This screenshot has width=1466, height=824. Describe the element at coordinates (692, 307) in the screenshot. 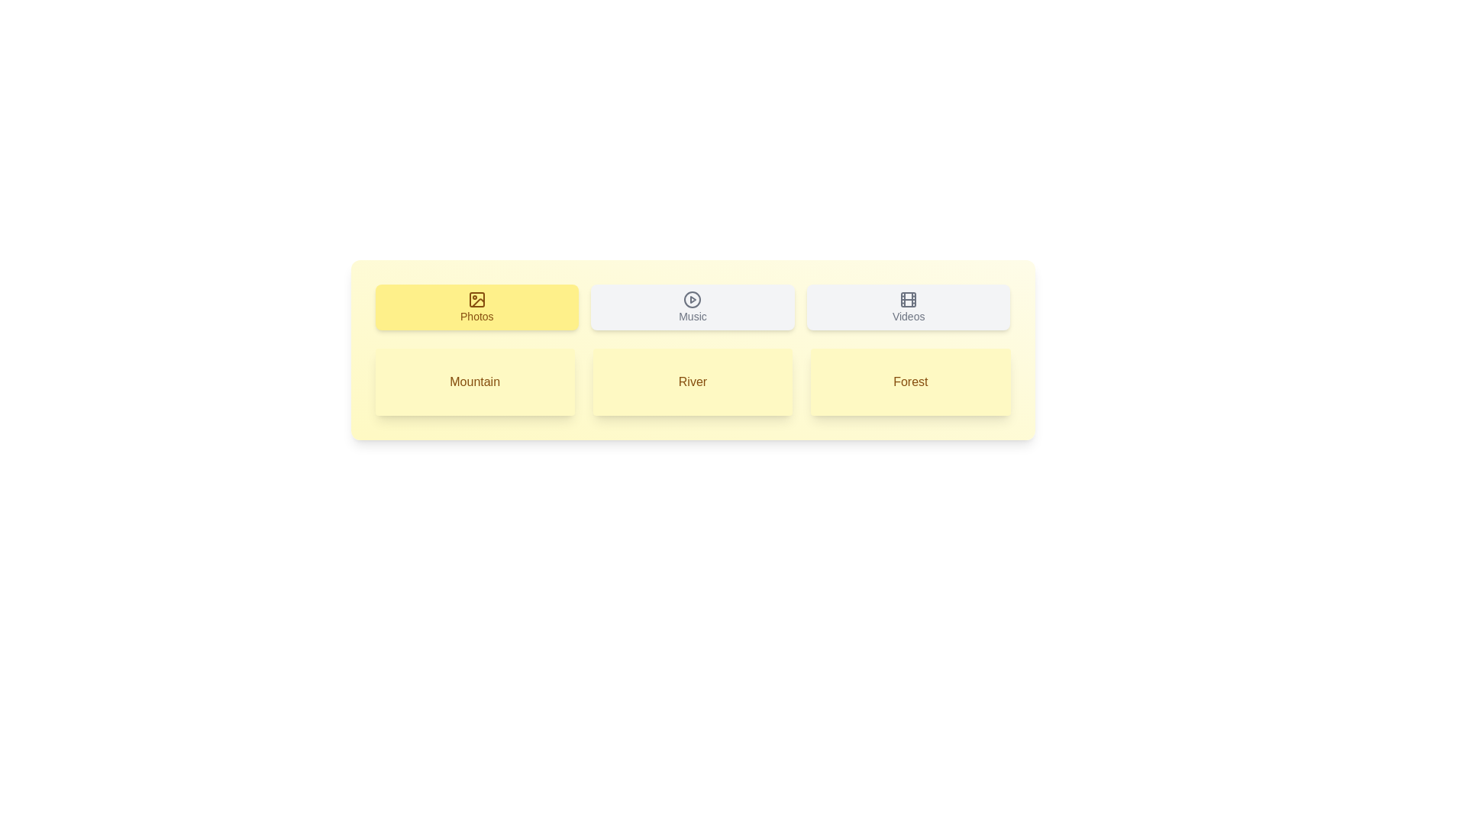

I see `the Music tab to view its content` at that location.